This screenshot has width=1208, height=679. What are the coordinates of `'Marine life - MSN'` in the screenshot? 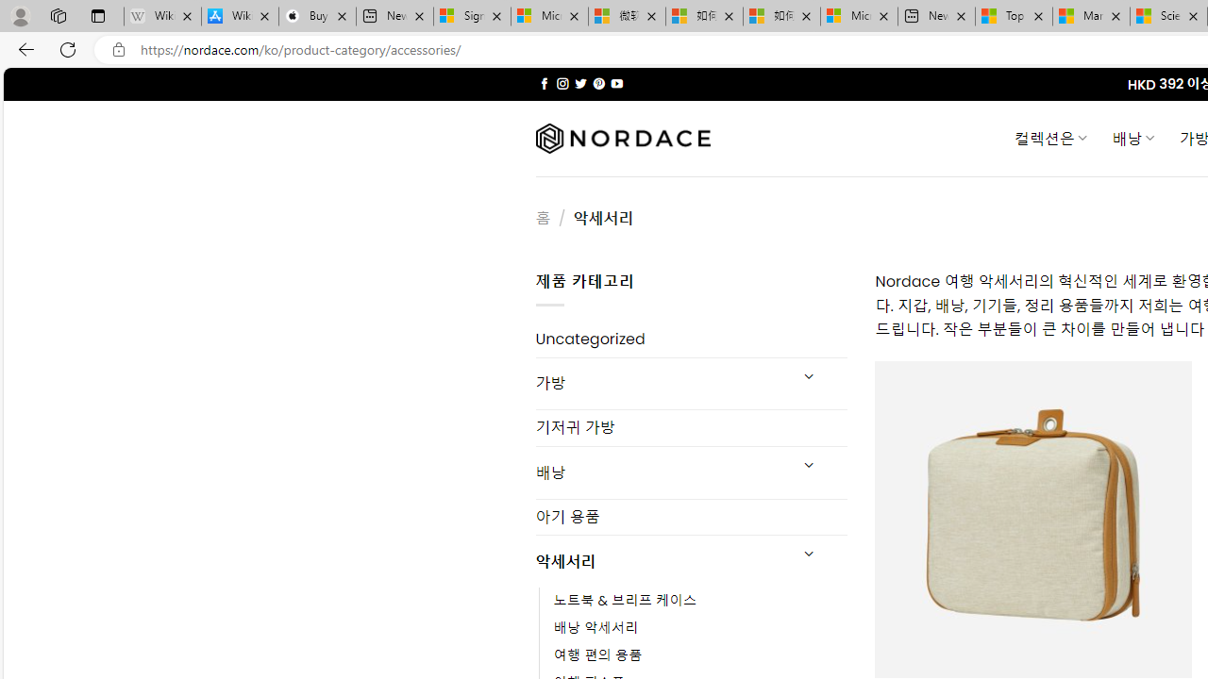 It's located at (1091, 16).